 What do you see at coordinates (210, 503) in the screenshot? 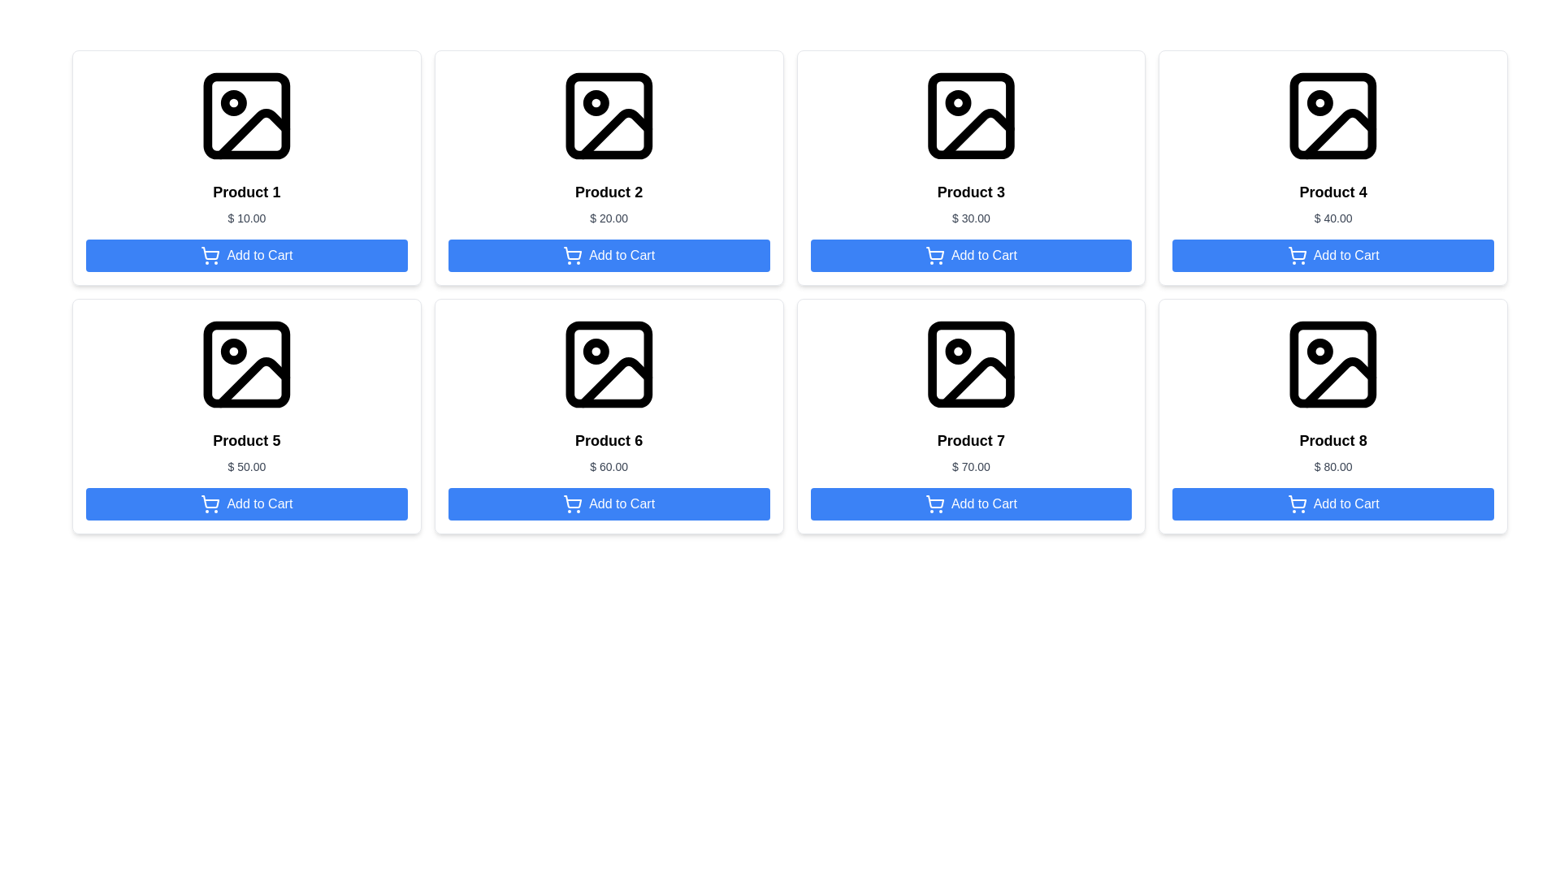
I see `the shopping cart icon located to the left of the 'Add to Cart' button below the 'Product 5' card in the second row and first column of the interface grid` at bounding box center [210, 503].